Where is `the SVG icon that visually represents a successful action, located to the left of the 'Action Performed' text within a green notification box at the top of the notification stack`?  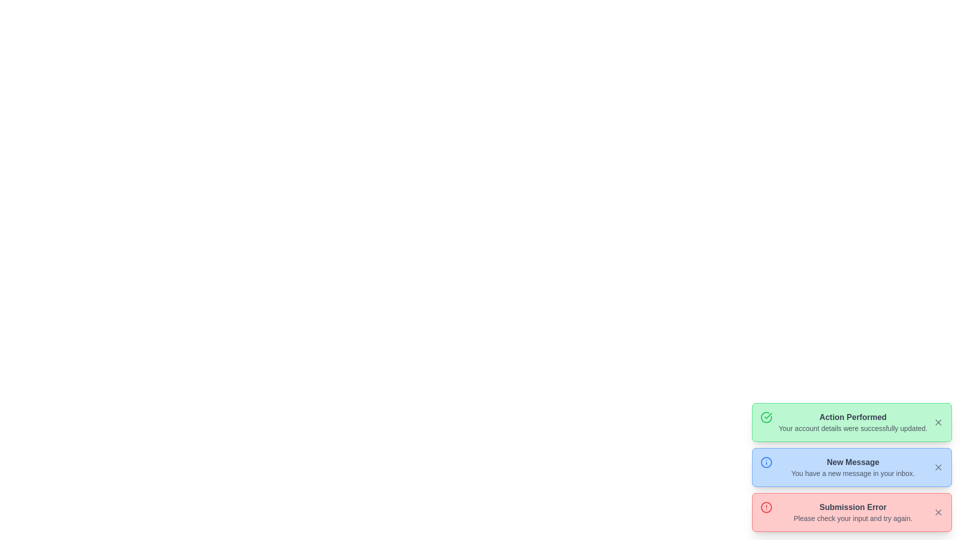
the SVG icon that visually represents a successful action, located to the left of the 'Action Performed' text within a green notification box at the top of the notification stack is located at coordinates (767, 416).